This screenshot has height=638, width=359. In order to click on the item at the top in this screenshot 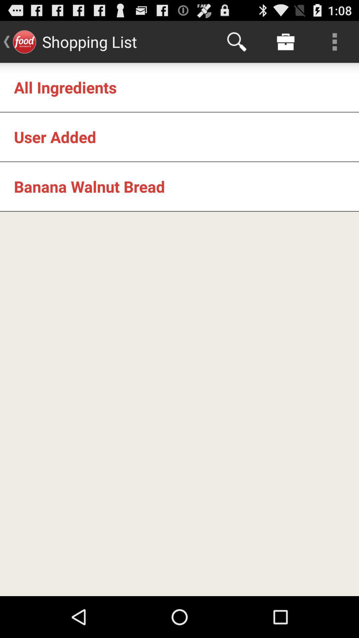, I will do `click(236, 41)`.